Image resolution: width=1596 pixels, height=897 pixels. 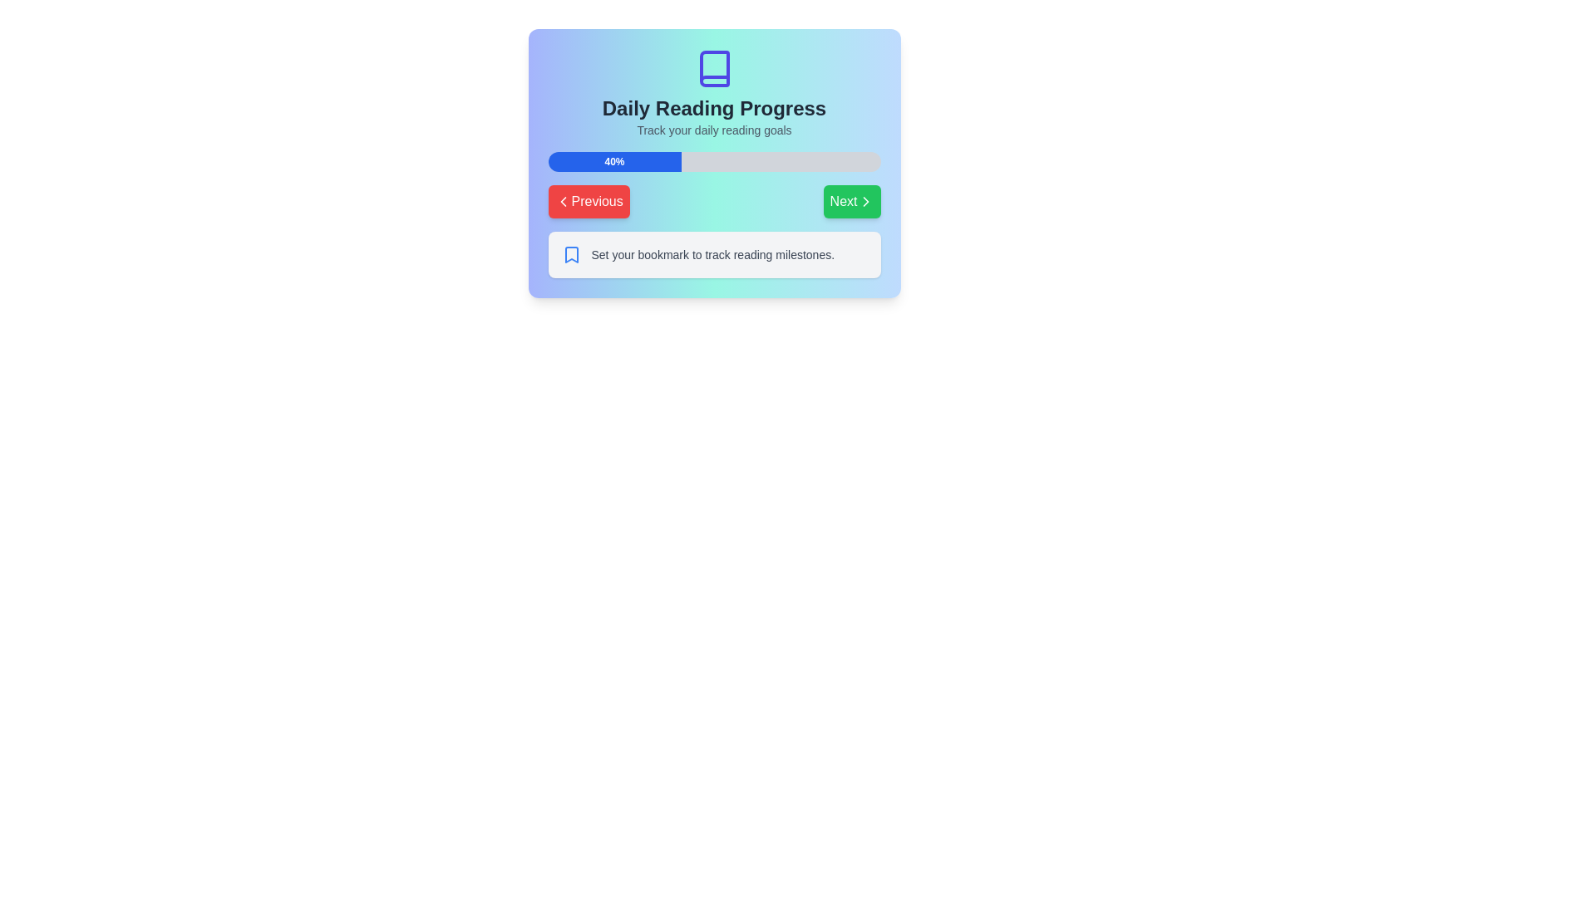 I want to click on text displayed in the Informational Banner located below the 'Previous' and 'Next' buttons in the lower-central part of the interface panel, so click(x=714, y=255).